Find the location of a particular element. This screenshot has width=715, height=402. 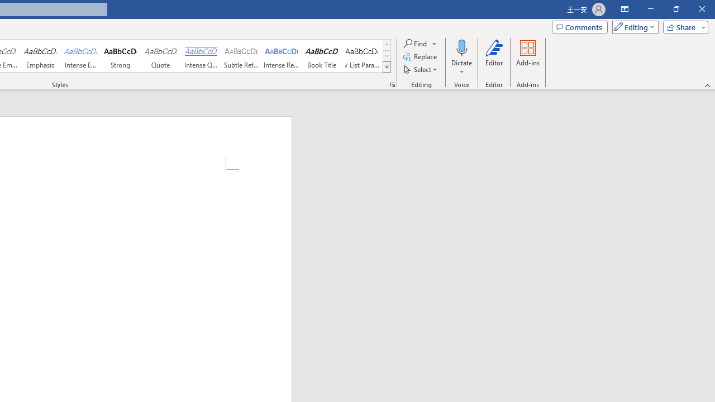

'Find' is located at coordinates (415, 43).